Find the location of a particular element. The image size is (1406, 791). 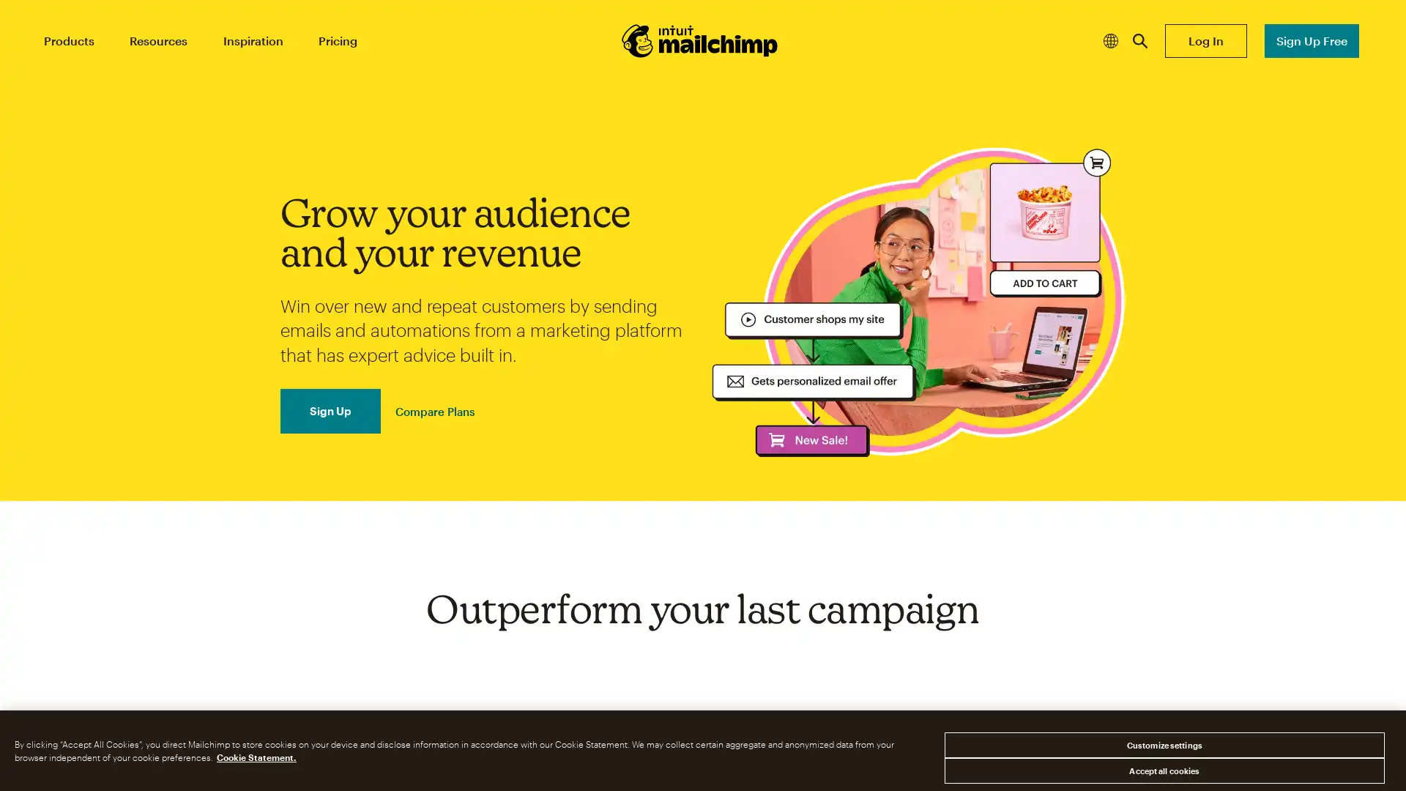

Accept all cookies is located at coordinates (1163, 770).